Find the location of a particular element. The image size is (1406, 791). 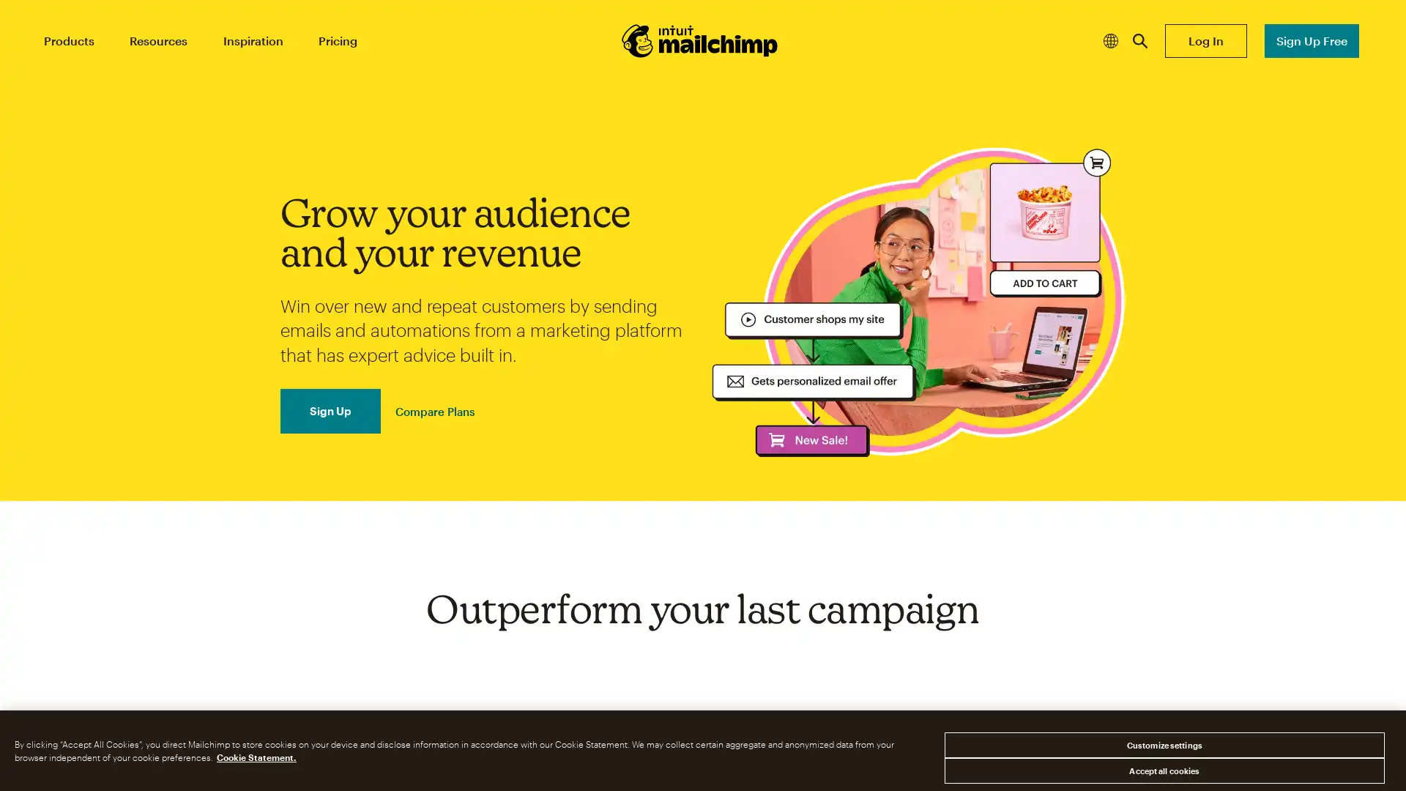

Accept all cookies is located at coordinates (1163, 770).